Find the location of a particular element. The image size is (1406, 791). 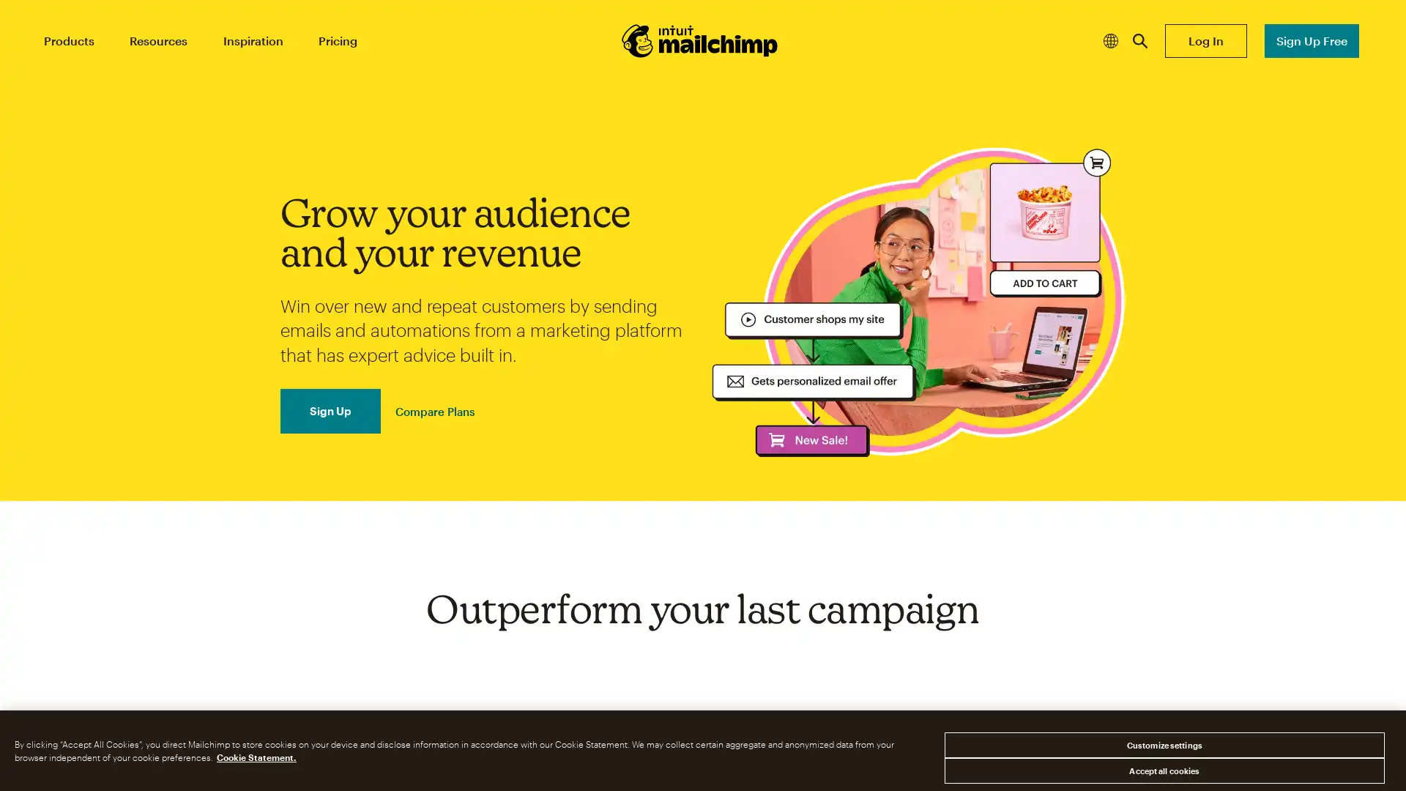

Accept all cookies is located at coordinates (1163, 770).